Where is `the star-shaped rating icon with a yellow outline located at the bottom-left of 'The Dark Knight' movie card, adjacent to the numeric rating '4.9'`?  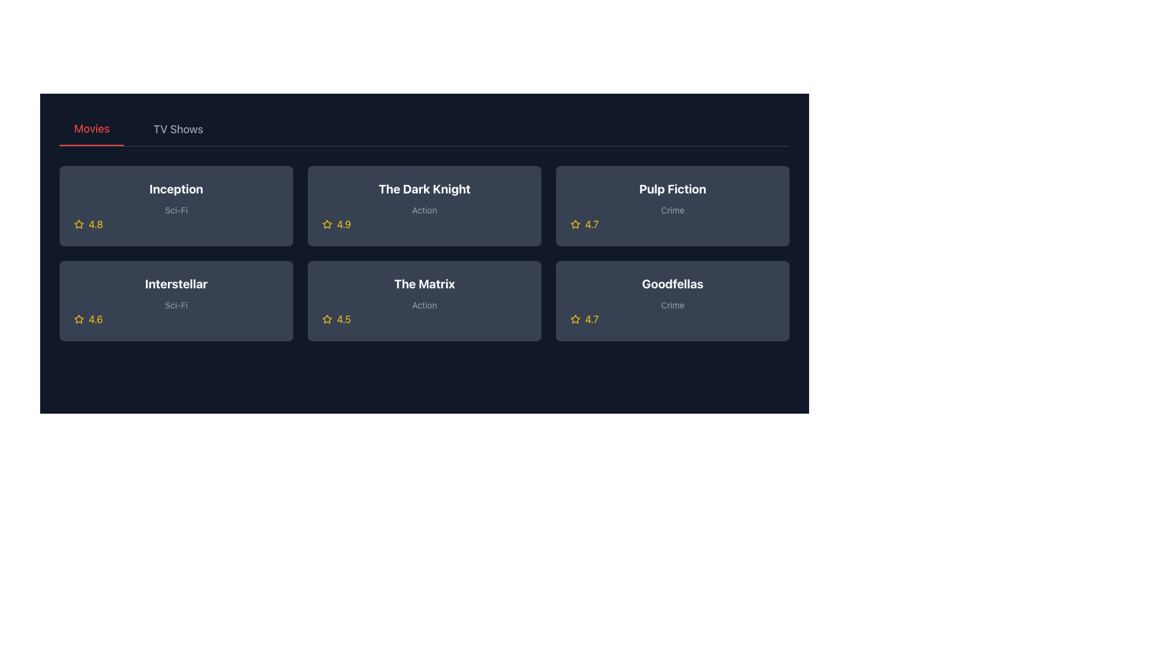 the star-shaped rating icon with a yellow outline located at the bottom-left of 'The Dark Knight' movie card, adjacent to the numeric rating '4.9' is located at coordinates (327, 224).